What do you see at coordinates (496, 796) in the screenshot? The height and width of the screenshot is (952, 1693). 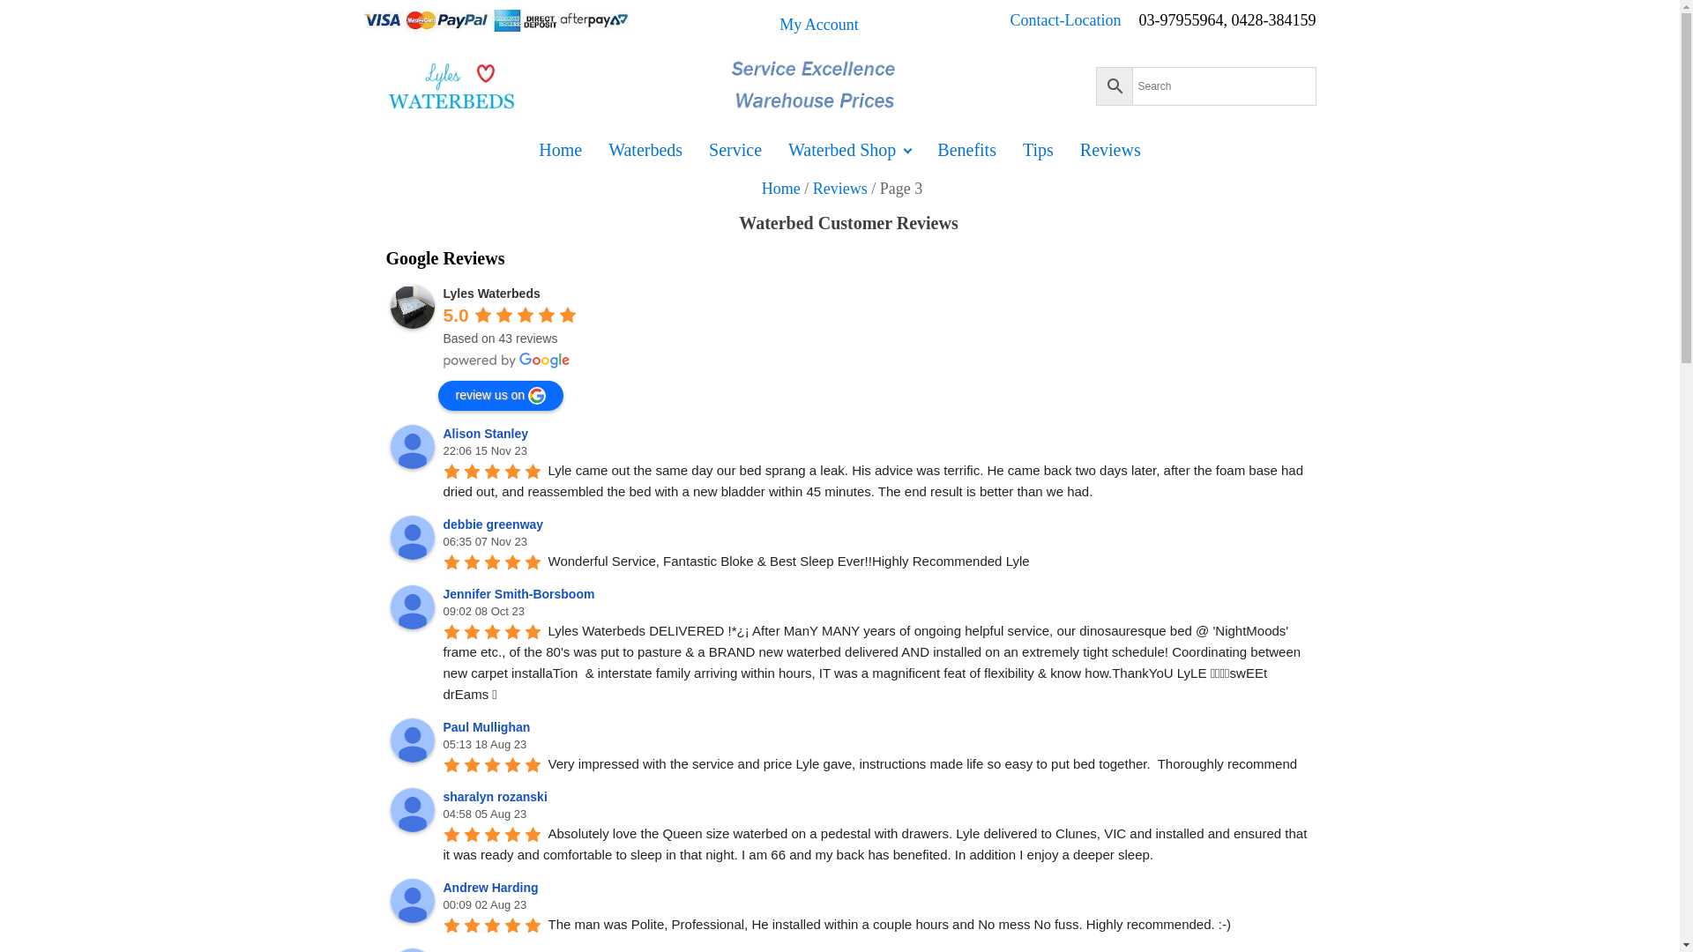 I see `'sharalyn rozanski'` at bounding box center [496, 796].